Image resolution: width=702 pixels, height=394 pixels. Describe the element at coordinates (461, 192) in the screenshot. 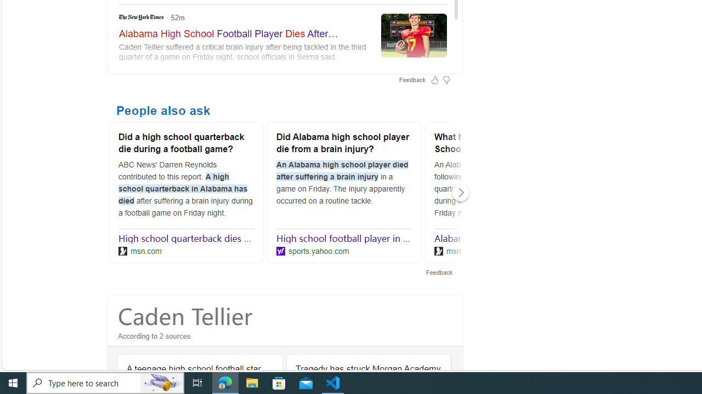

I see `'Click to scroll right'` at that location.